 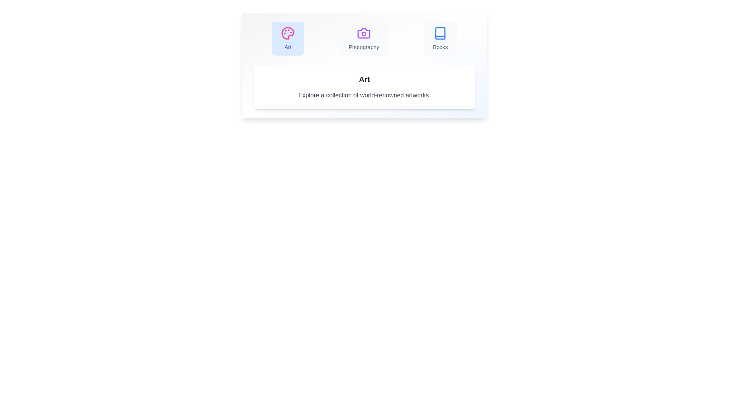 I want to click on the Books tab to view its content, so click(x=440, y=38).